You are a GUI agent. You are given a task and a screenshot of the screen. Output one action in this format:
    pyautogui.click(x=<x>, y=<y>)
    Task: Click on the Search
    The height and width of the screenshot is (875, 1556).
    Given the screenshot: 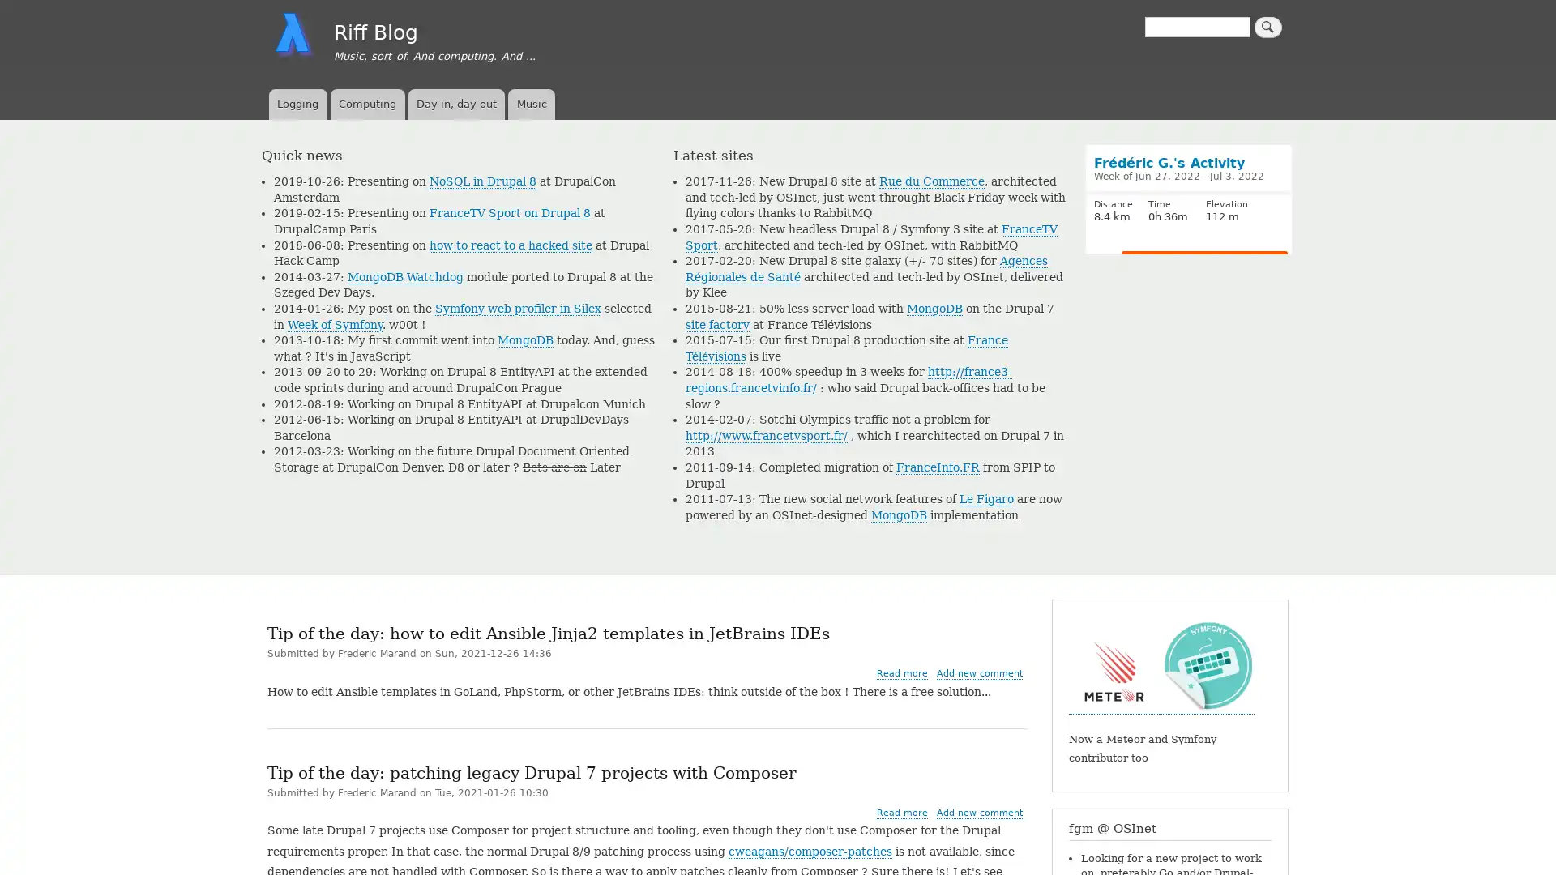 What is the action you would take?
    pyautogui.click(x=1267, y=27)
    